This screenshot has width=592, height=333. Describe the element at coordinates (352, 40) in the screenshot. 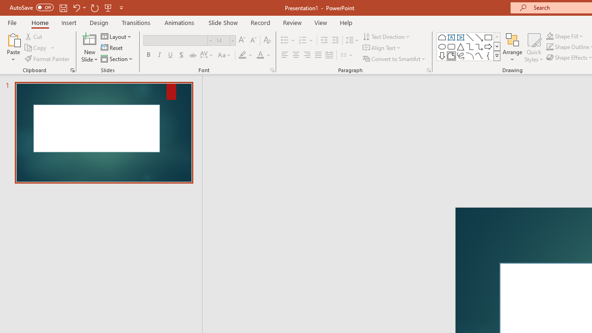

I see `'Line Spacing'` at that location.